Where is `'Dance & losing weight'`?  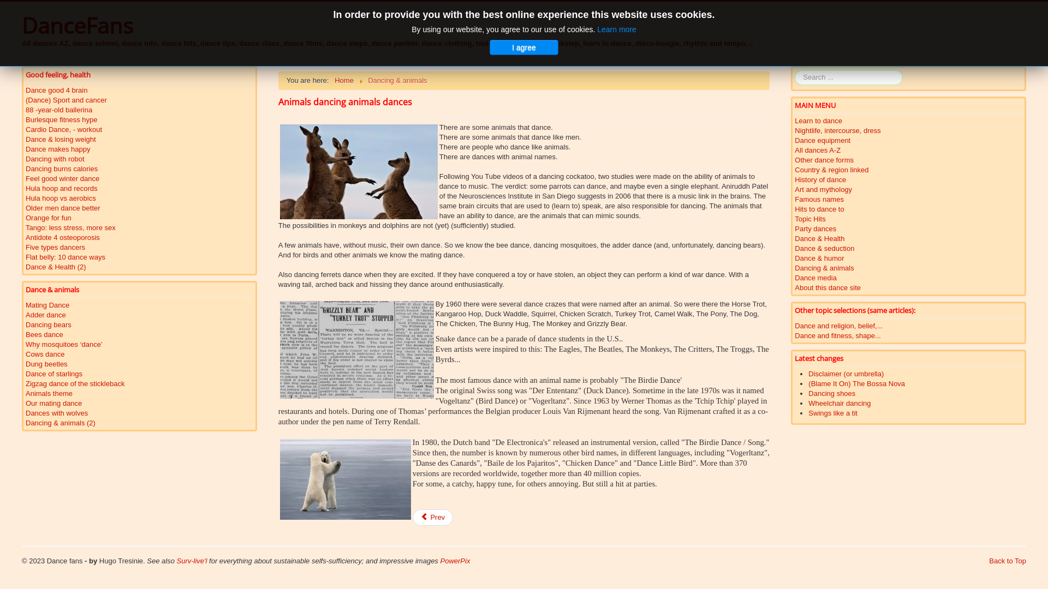 'Dance & losing weight' is located at coordinates (26, 139).